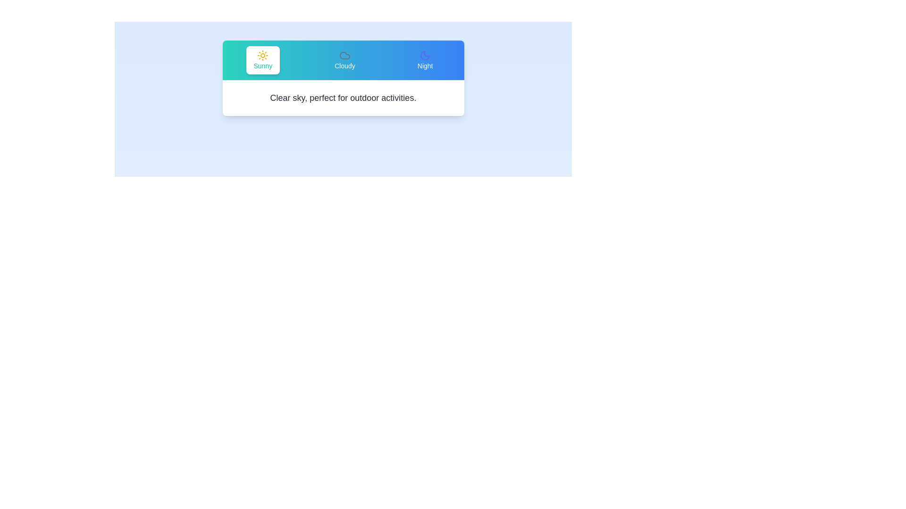  I want to click on the weather tab corresponding to Night, so click(425, 60).